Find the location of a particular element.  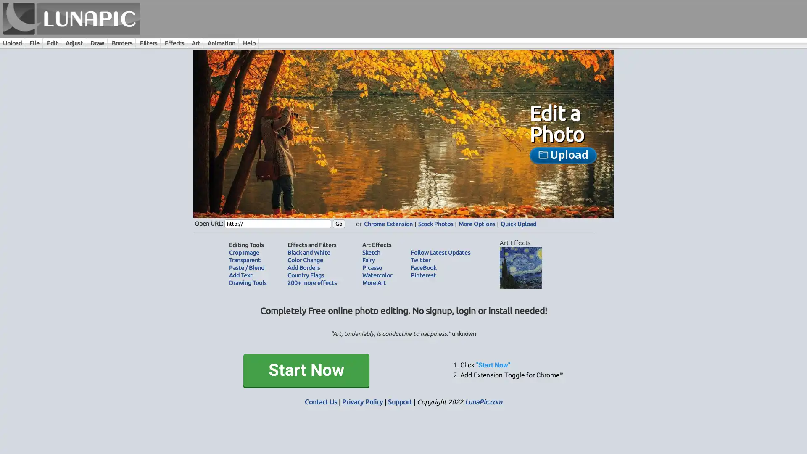

Go is located at coordinates (339, 223).